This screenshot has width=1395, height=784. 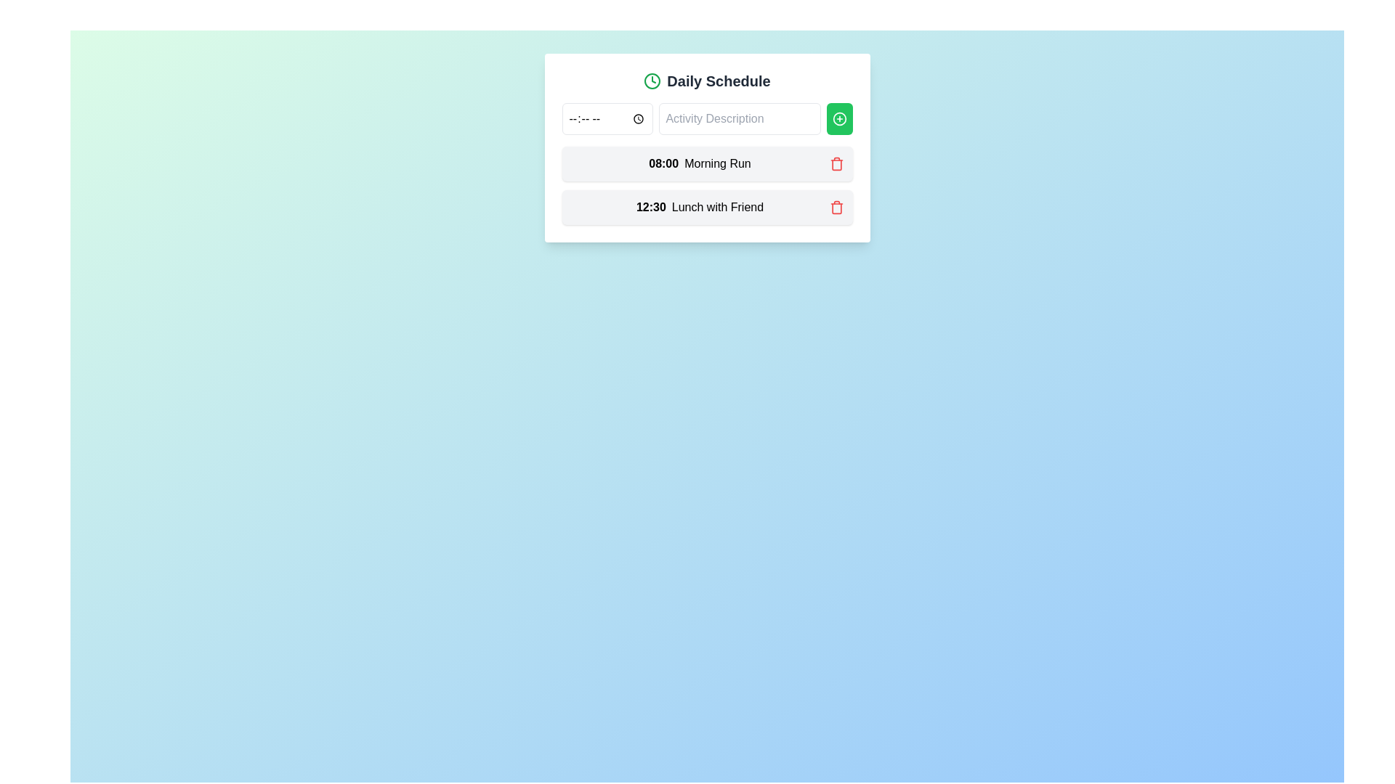 What do you see at coordinates (700, 207) in the screenshot?
I see `information presented in the text block displaying '12:30 Lunch with Friend', which is the second item in the daily schedule interface` at bounding box center [700, 207].